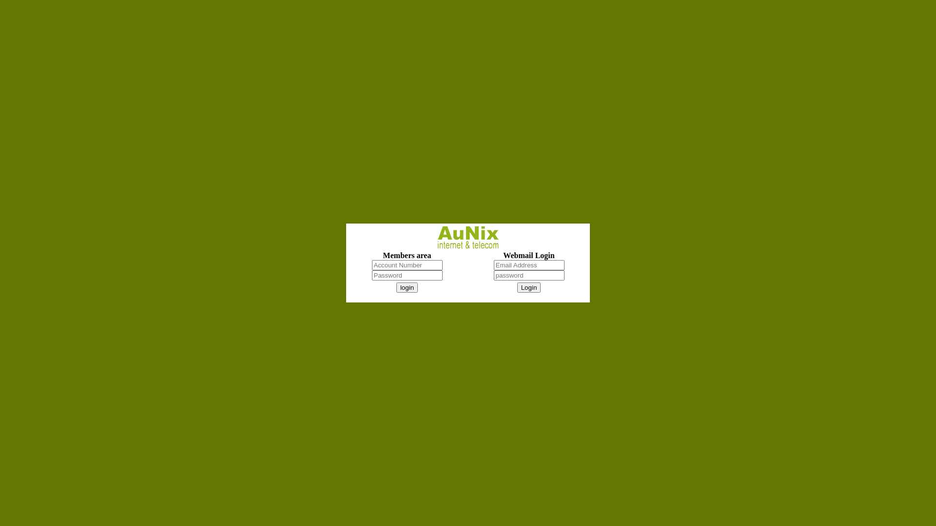 This screenshot has height=526, width=936. What do you see at coordinates (516, 287) in the screenshot?
I see `'Login'` at bounding box center [516, 287].